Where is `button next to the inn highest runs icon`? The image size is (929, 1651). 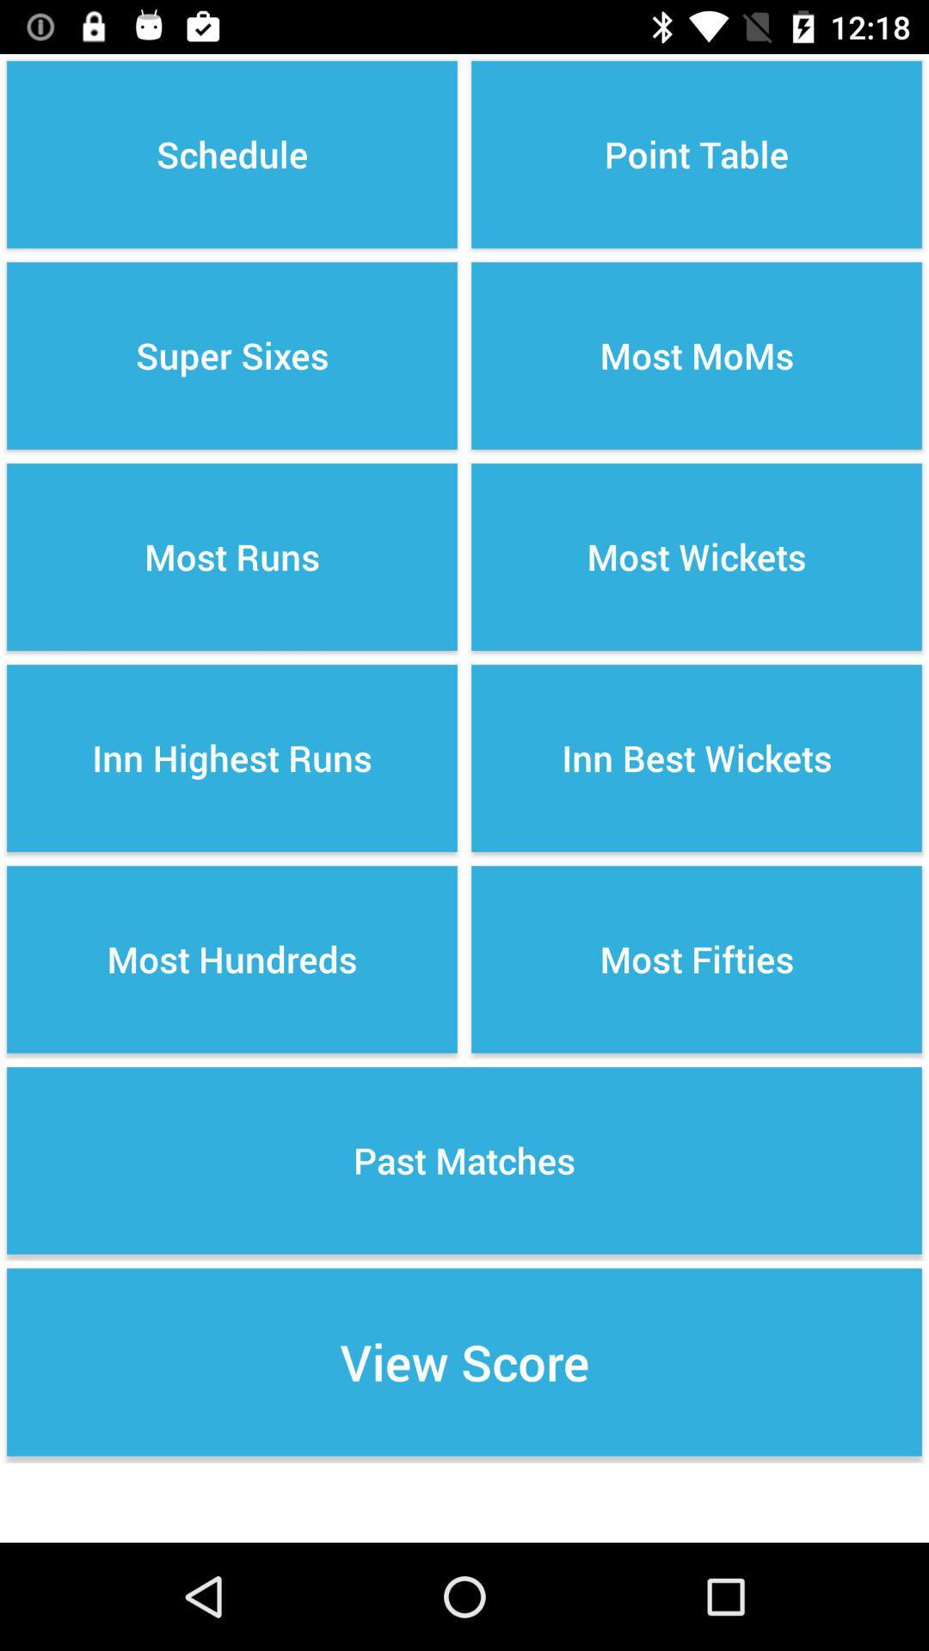 button next to the inn highest runs icon is located at coordinates (697, 959).